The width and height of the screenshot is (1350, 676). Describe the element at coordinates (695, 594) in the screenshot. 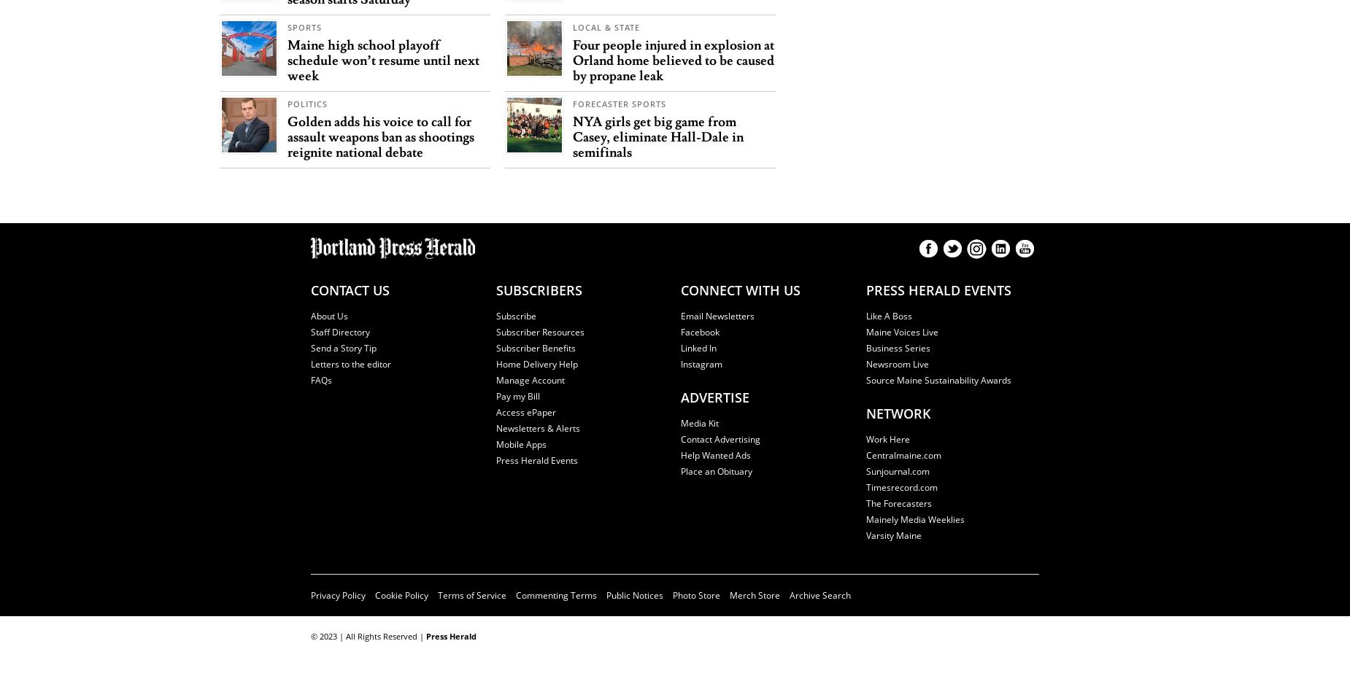

I see `'Photo Store'` at that location.